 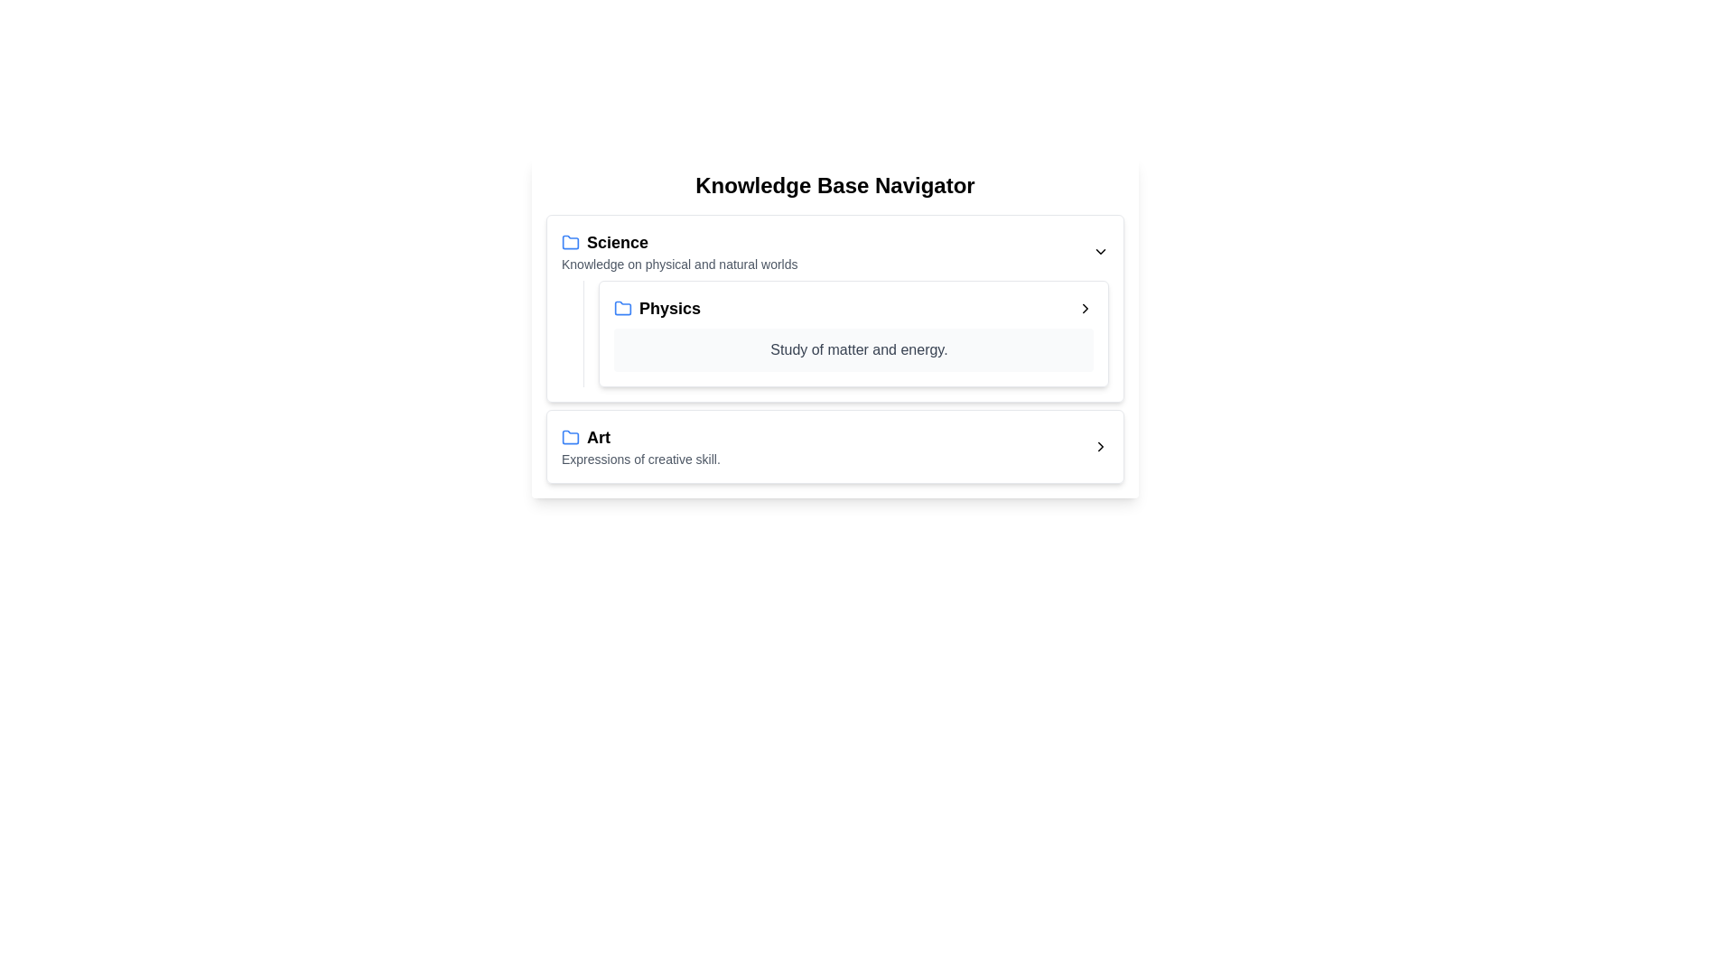 What do you see at coordinates (640, 446) in the screenshot?
I see `the composite UI component displaying 'Art' with the descriptive text 'Expressions of creative skill.' and a blue folder icon` at bounding box center [640, 446].